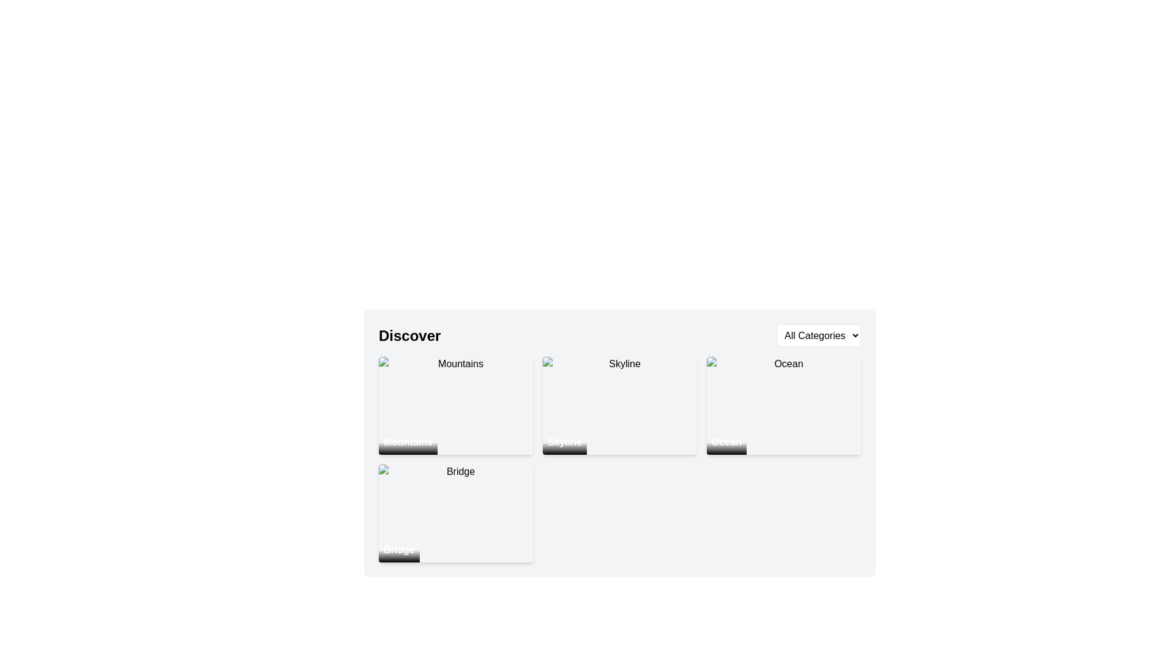 Image resolution: width=1175 pixels, height=661 pixels. What do you see at coordinates (408, 442) in the screenshot?
I see `text label that indicates the associated image relates to 'Mountains', located at the bottom-center of the leftmost card under the heading 'Discover'` at bounding box center [408, 442].